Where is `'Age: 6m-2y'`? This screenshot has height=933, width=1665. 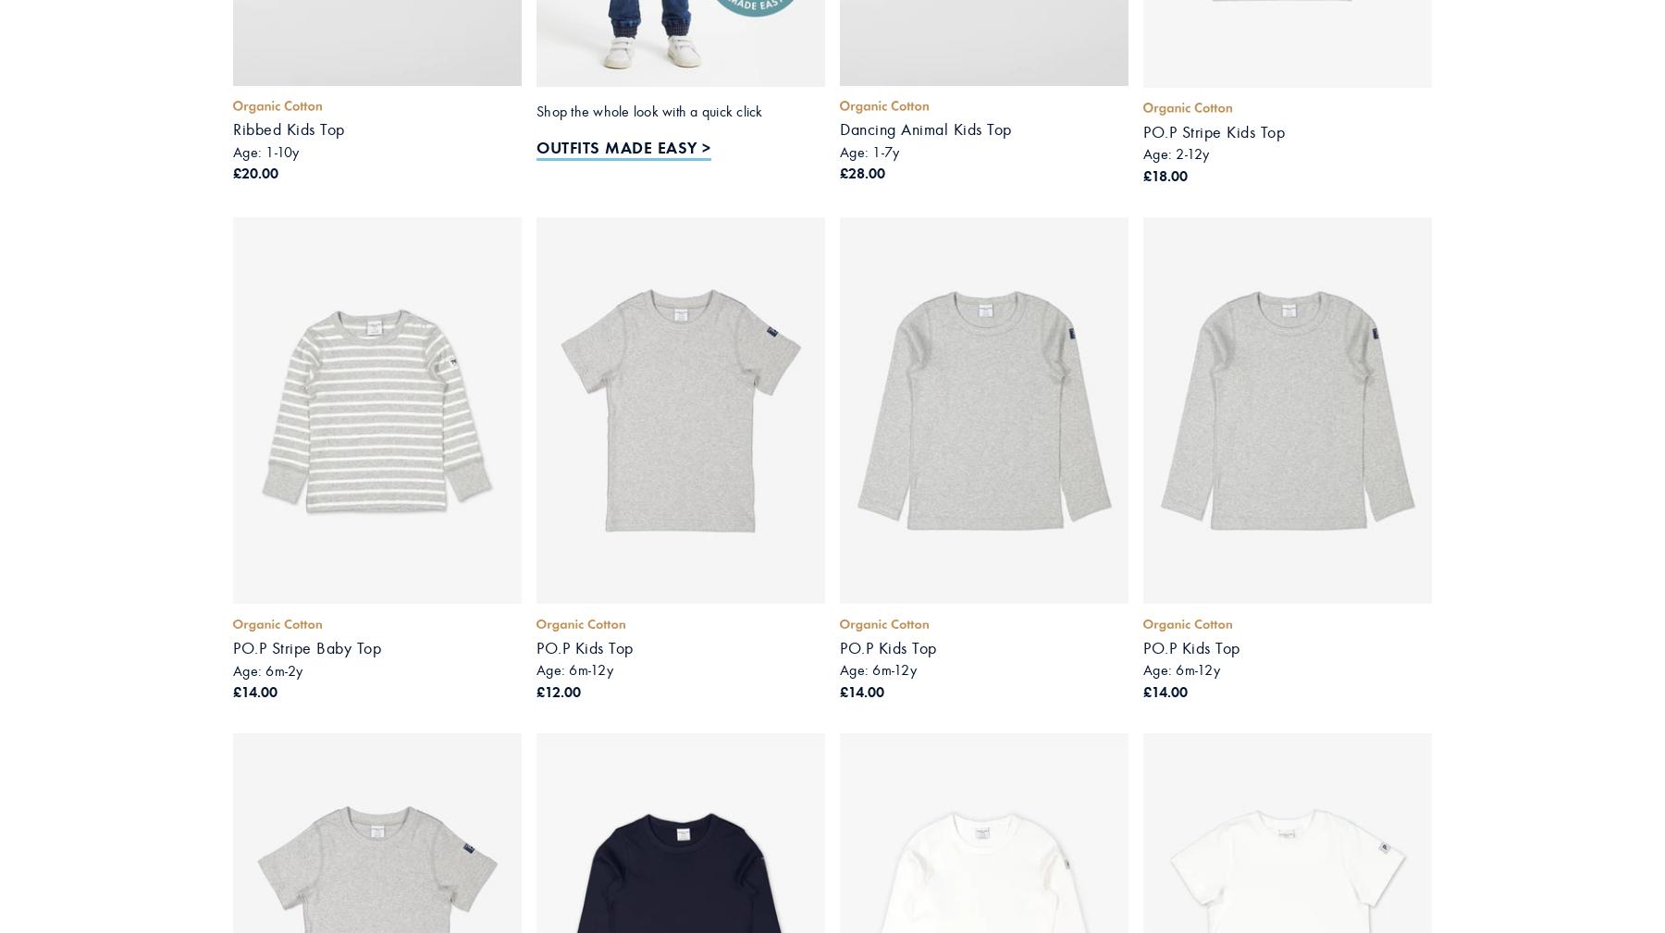 'Age: 6m-2y' is located at coordinates (266, 669).